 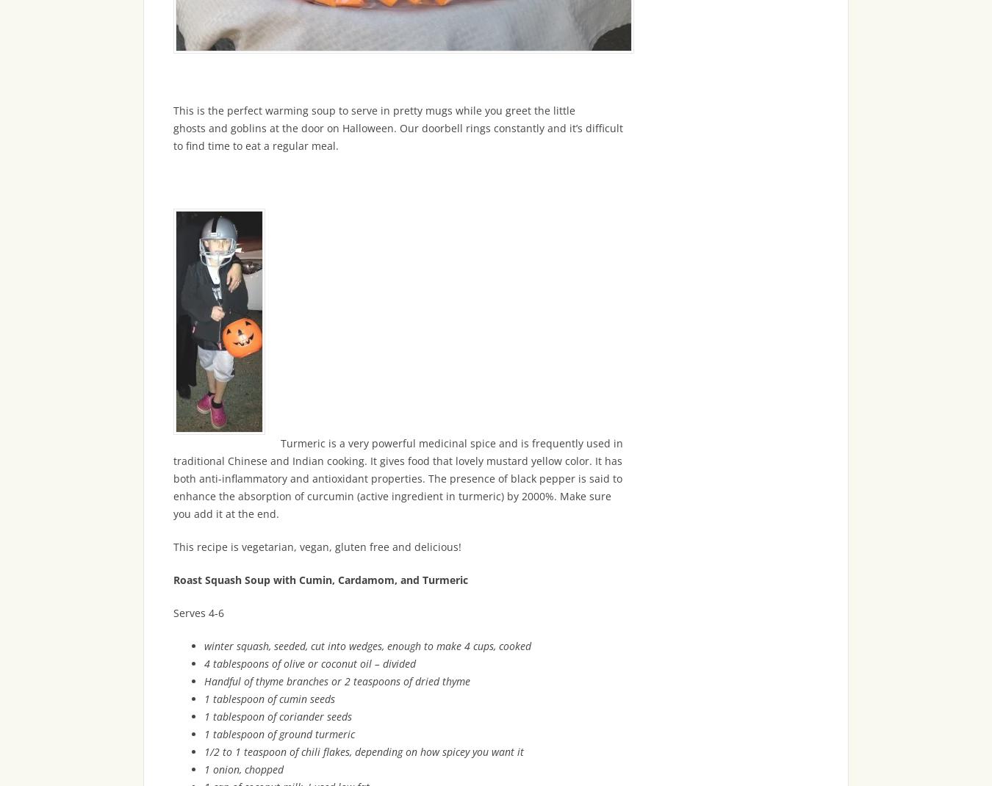 What do you see at coordinates (203, 715) in the screenshot?
I see `'1 tablespoon of coriander seeds'` at bounding box center [203, 715].